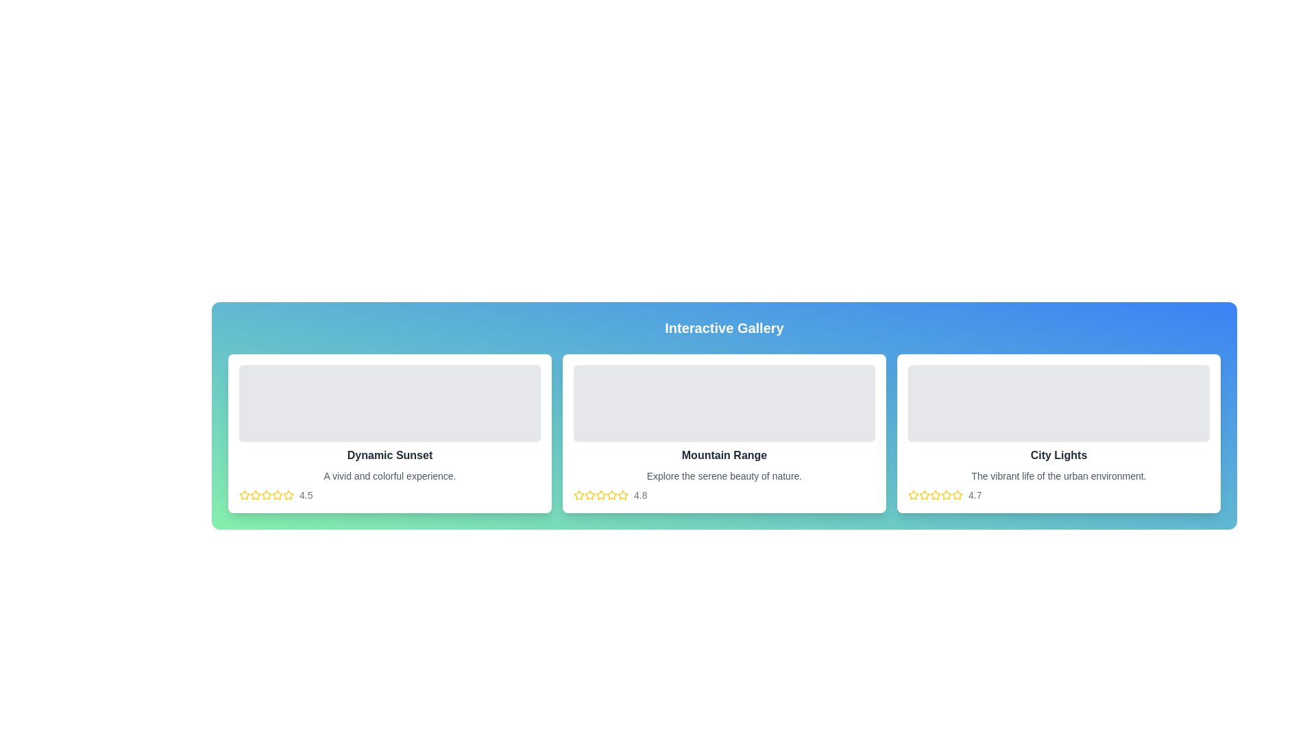 The image size is (1316, 740). I want to click on the text display showing the numerical rating value located in the bottom left corner of the first card, to the right of the star icons, so click(305, 495).